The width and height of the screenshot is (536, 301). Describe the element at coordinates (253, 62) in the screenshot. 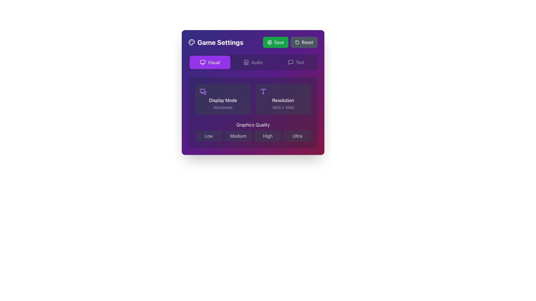

I see `the 'Audio' button located under the 'Game Settings' header` at that location.